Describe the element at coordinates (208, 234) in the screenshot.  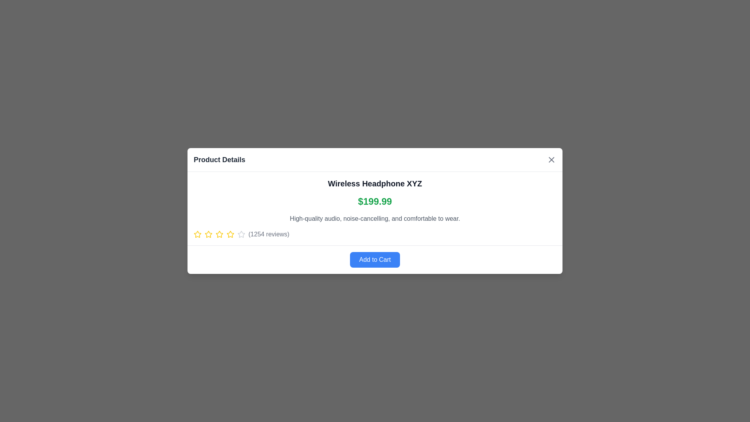
I see `the third star icon in the five-star product review representation located in the review section beneath the product information area` at that location.